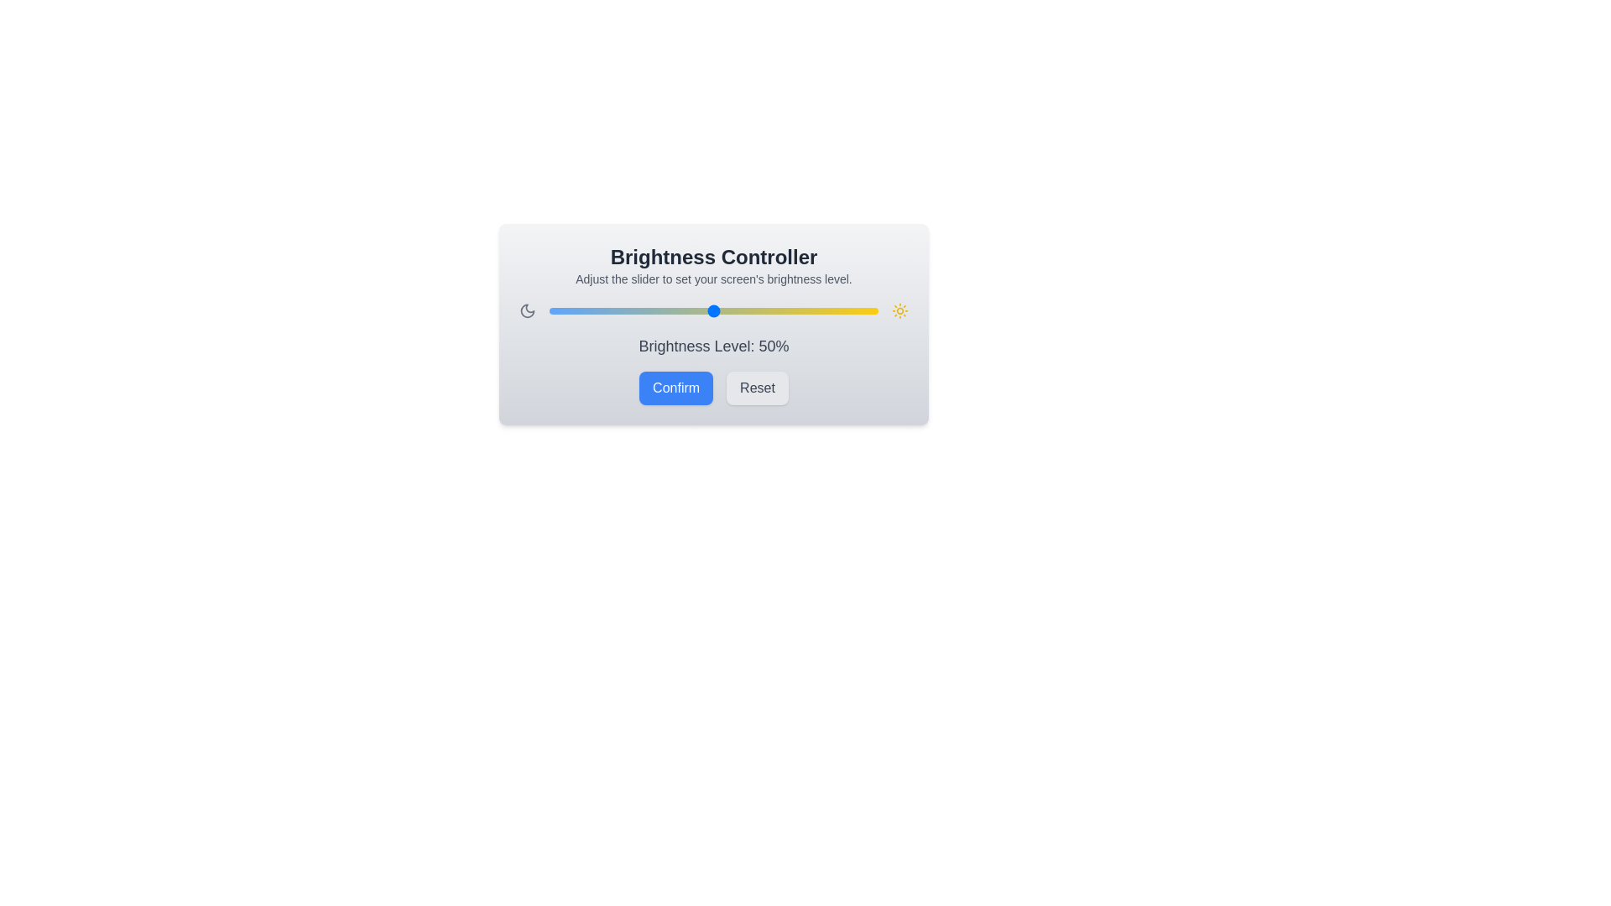  I want to click on the sun icon to adjust brightness to its extreme level, so click(899, 310).